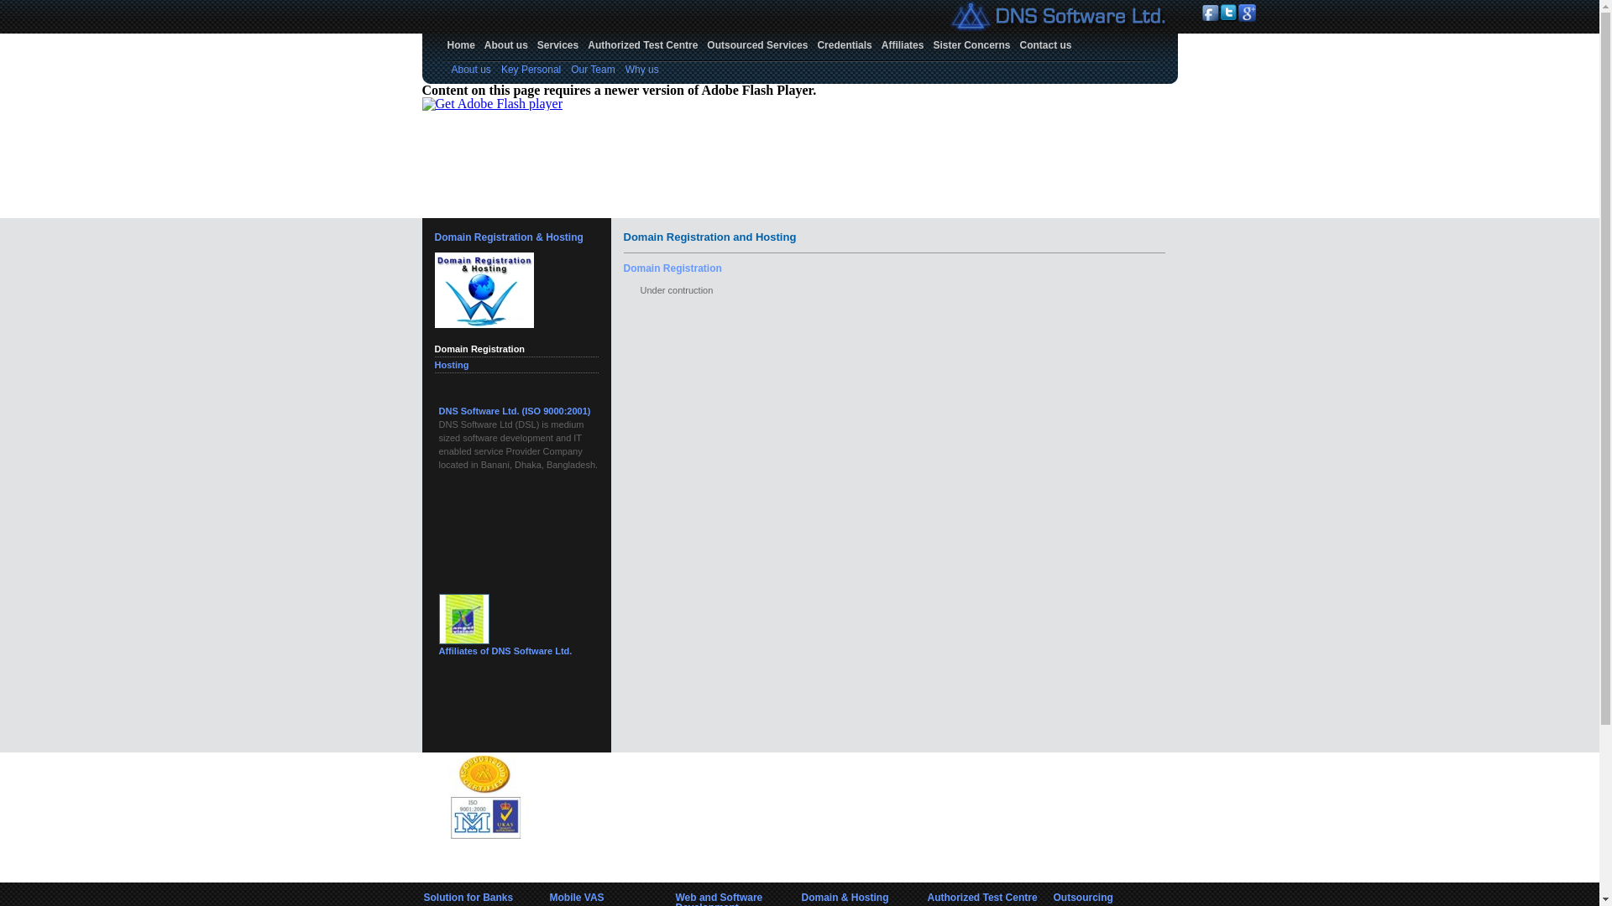  Describe the element at coordinates (1045, 44) in the screenshot. I see `'Contact us'` at that location.